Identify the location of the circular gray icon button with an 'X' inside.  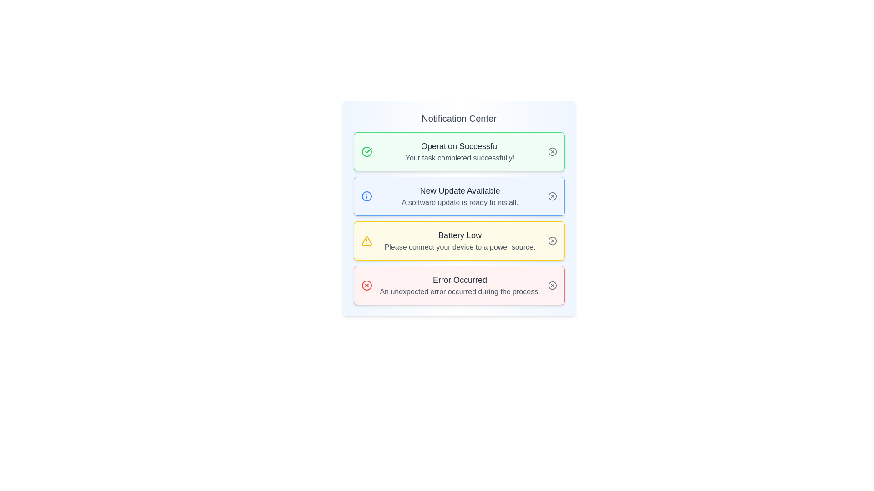
(552, 285).